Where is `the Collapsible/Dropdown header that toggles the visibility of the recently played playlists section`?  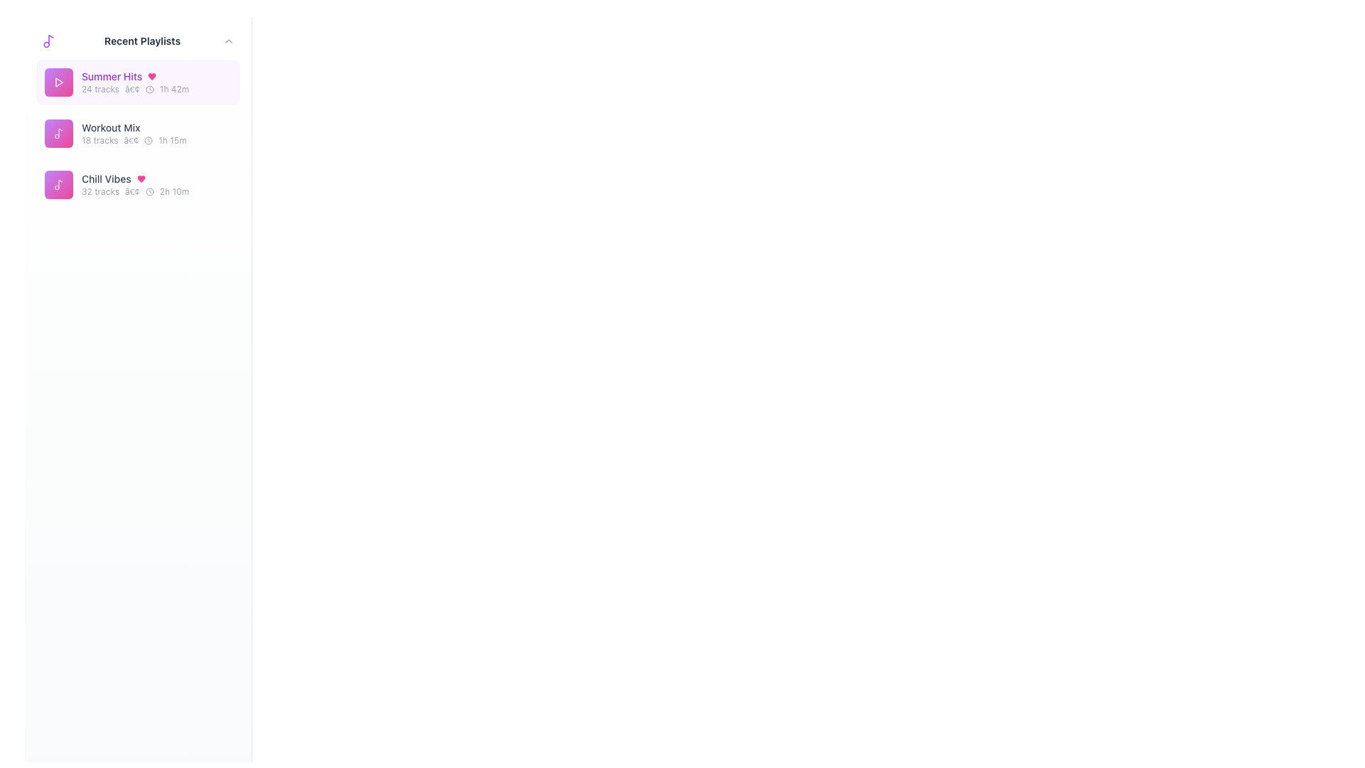
the Collapsible/Dropdown header that toggles the visibility of the recently played playlists section is located at coordinates (138, 40).